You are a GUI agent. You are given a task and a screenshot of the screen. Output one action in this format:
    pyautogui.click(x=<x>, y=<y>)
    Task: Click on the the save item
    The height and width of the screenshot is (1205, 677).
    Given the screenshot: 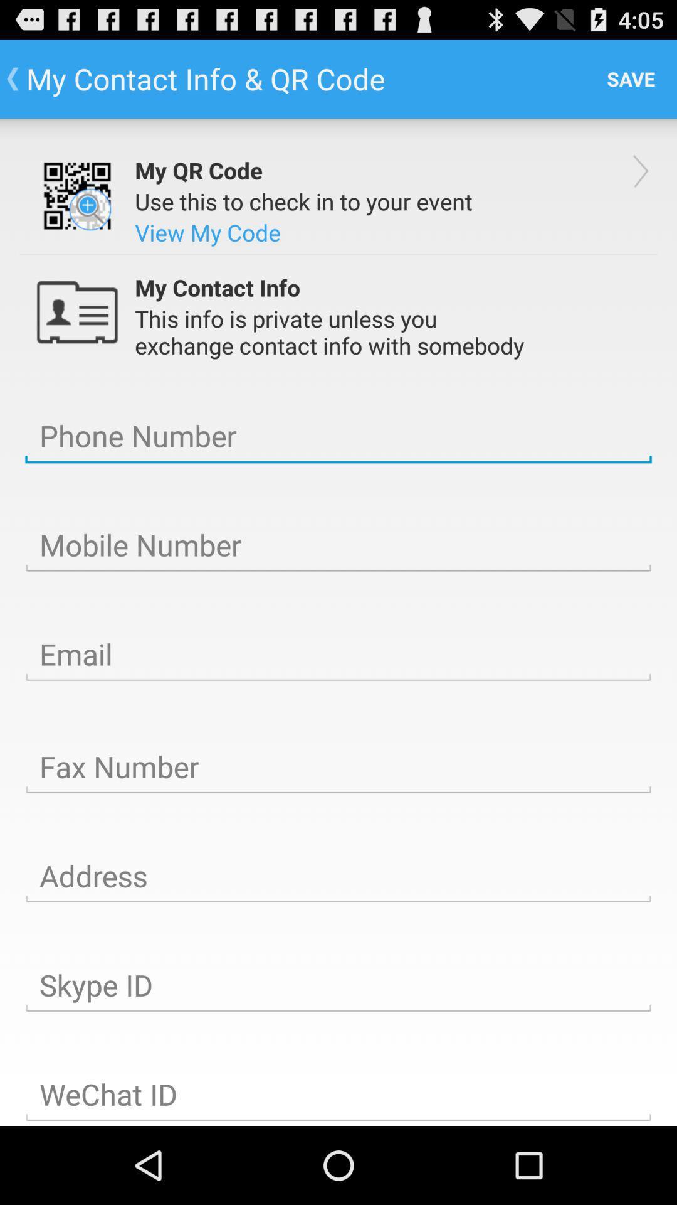 What is the action you would take?
    pyautogui.click(x=631, y=78)
    